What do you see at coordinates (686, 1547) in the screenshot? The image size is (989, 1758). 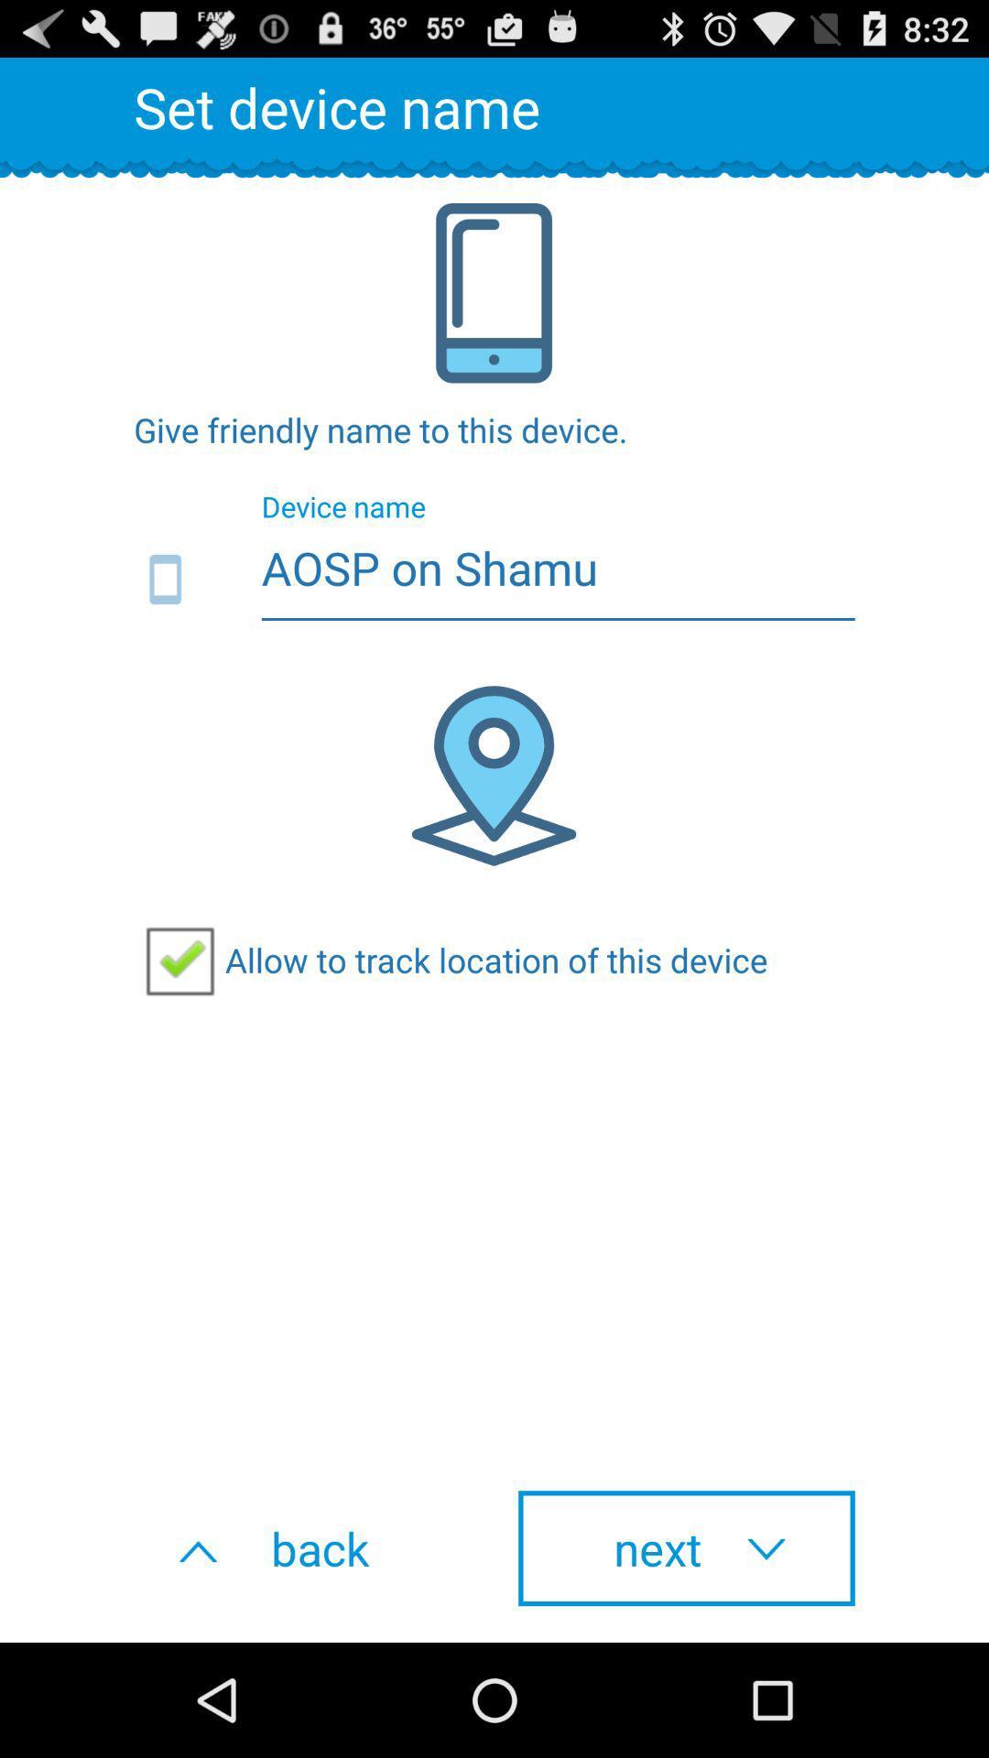 I see `button next to the back` at bounding box center [686, 1547].